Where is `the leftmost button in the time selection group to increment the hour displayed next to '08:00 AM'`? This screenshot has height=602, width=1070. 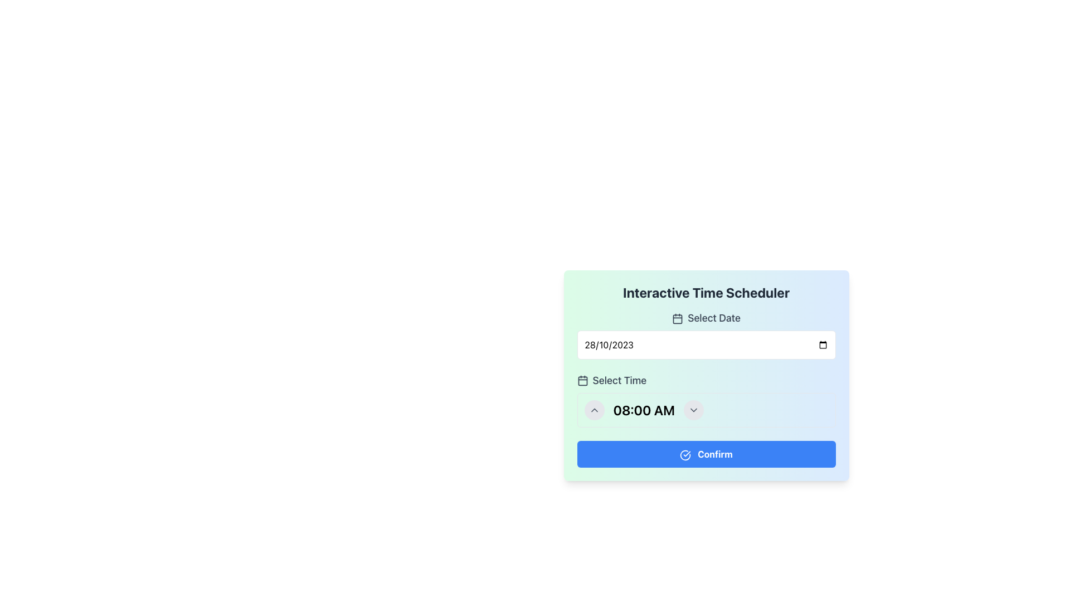
the leftmost button in the time selection group to increment the hour displayed next to '08:00 AM' is located at coordinates (594, 410).